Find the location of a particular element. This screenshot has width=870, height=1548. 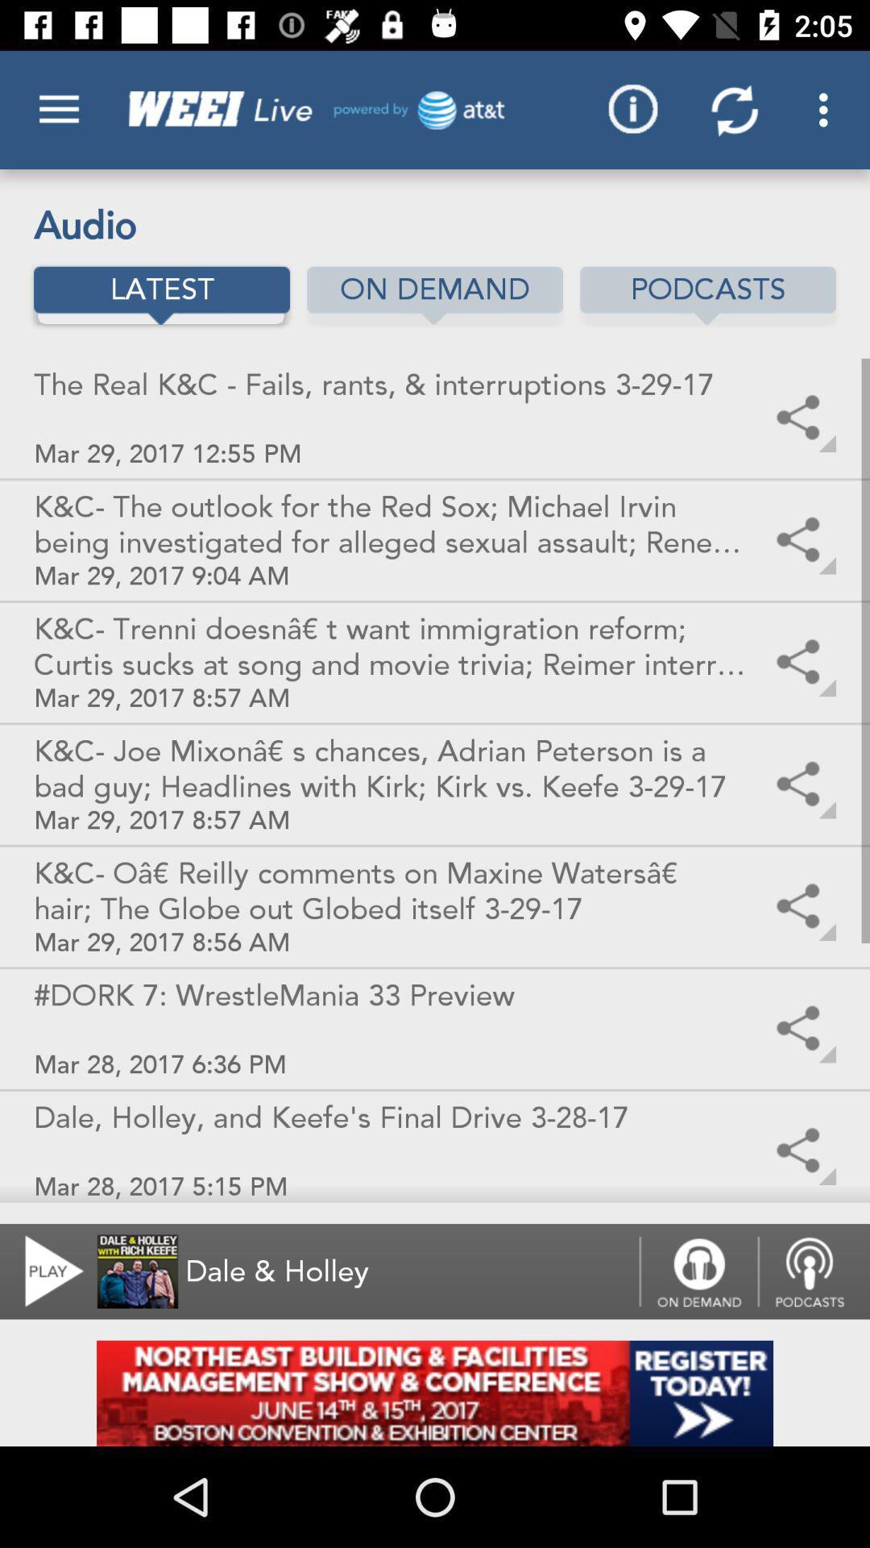

the play icon is located at coordinates (43, 1271).